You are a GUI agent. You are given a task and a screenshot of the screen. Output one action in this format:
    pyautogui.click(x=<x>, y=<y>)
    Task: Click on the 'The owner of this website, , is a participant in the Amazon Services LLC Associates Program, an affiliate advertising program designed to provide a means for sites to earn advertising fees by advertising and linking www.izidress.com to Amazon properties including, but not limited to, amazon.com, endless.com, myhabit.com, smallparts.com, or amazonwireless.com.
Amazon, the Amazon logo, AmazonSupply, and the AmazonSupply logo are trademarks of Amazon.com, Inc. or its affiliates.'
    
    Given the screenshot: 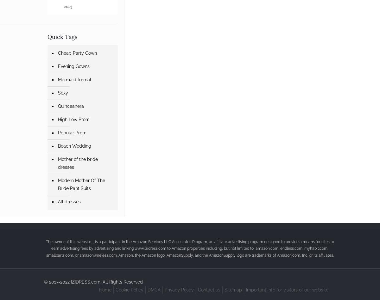 What is the action you would take?
    pyautogui.click(x=46, y=248)
    